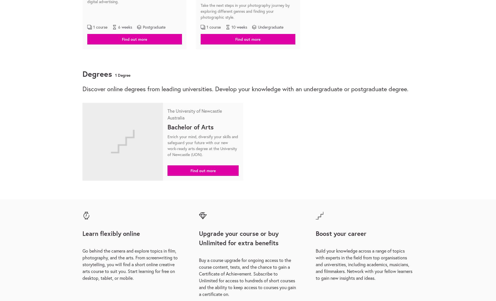 The width and height of the screenshot is (496, 301). Describe the element at coordinates (125, 27) in the screenshot. I see `'6 weeks'` at that location.